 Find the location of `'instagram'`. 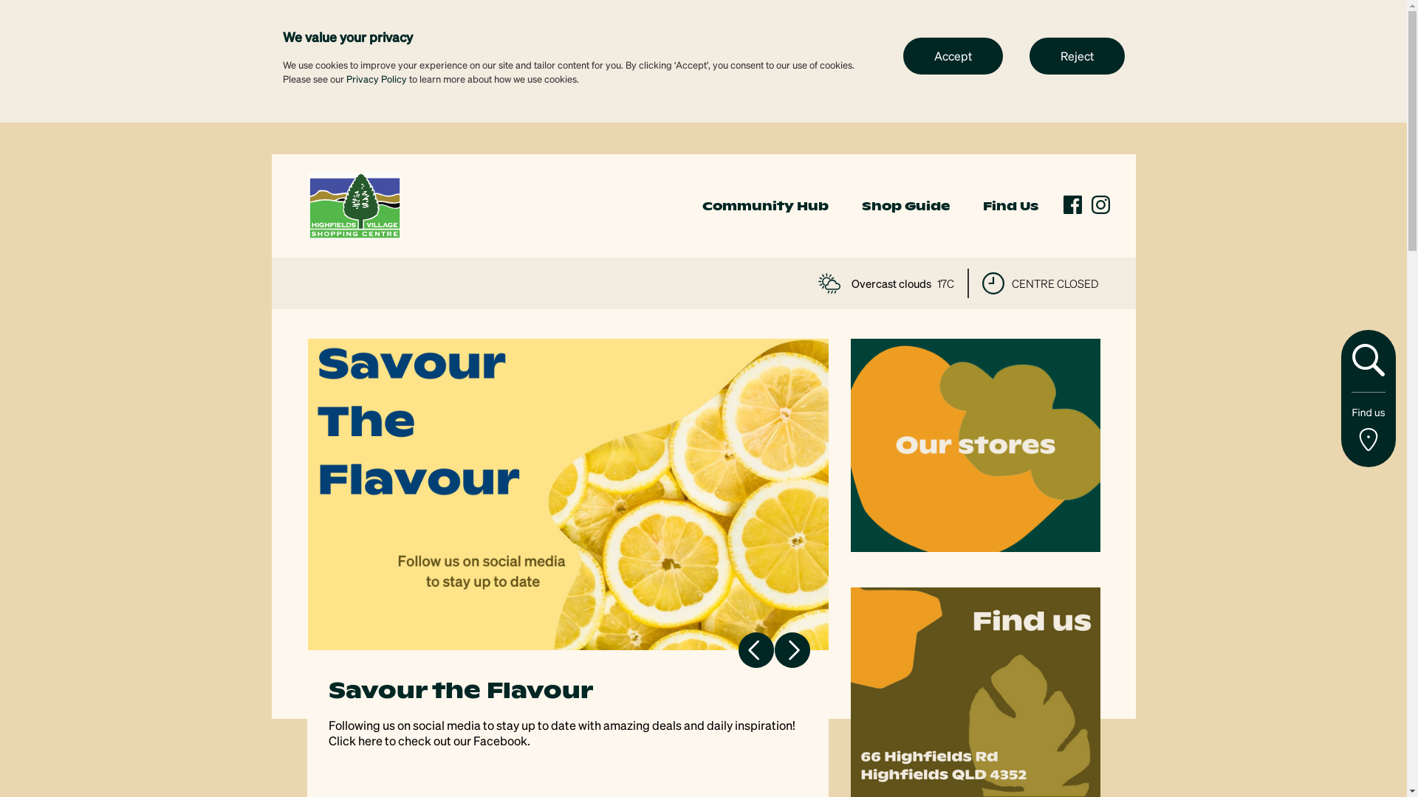

'instagram' is located at coordinates (1100, 204).